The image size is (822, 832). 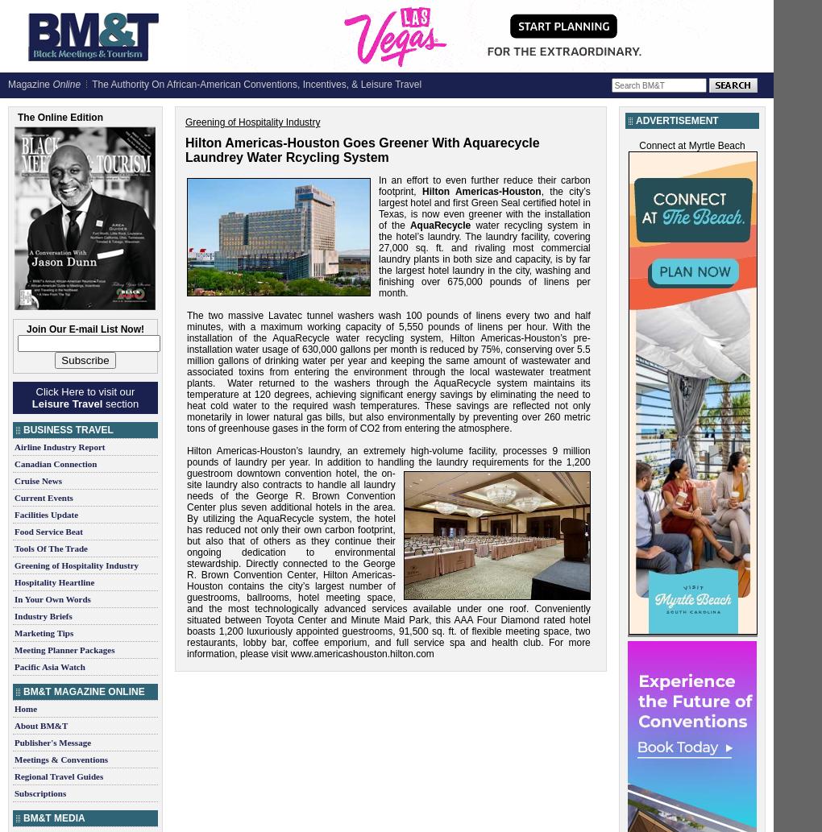 What do you see at coordinates (676, 120) in the screenshot?
I see `'Advertisement'` at bounding box center [676, 120].